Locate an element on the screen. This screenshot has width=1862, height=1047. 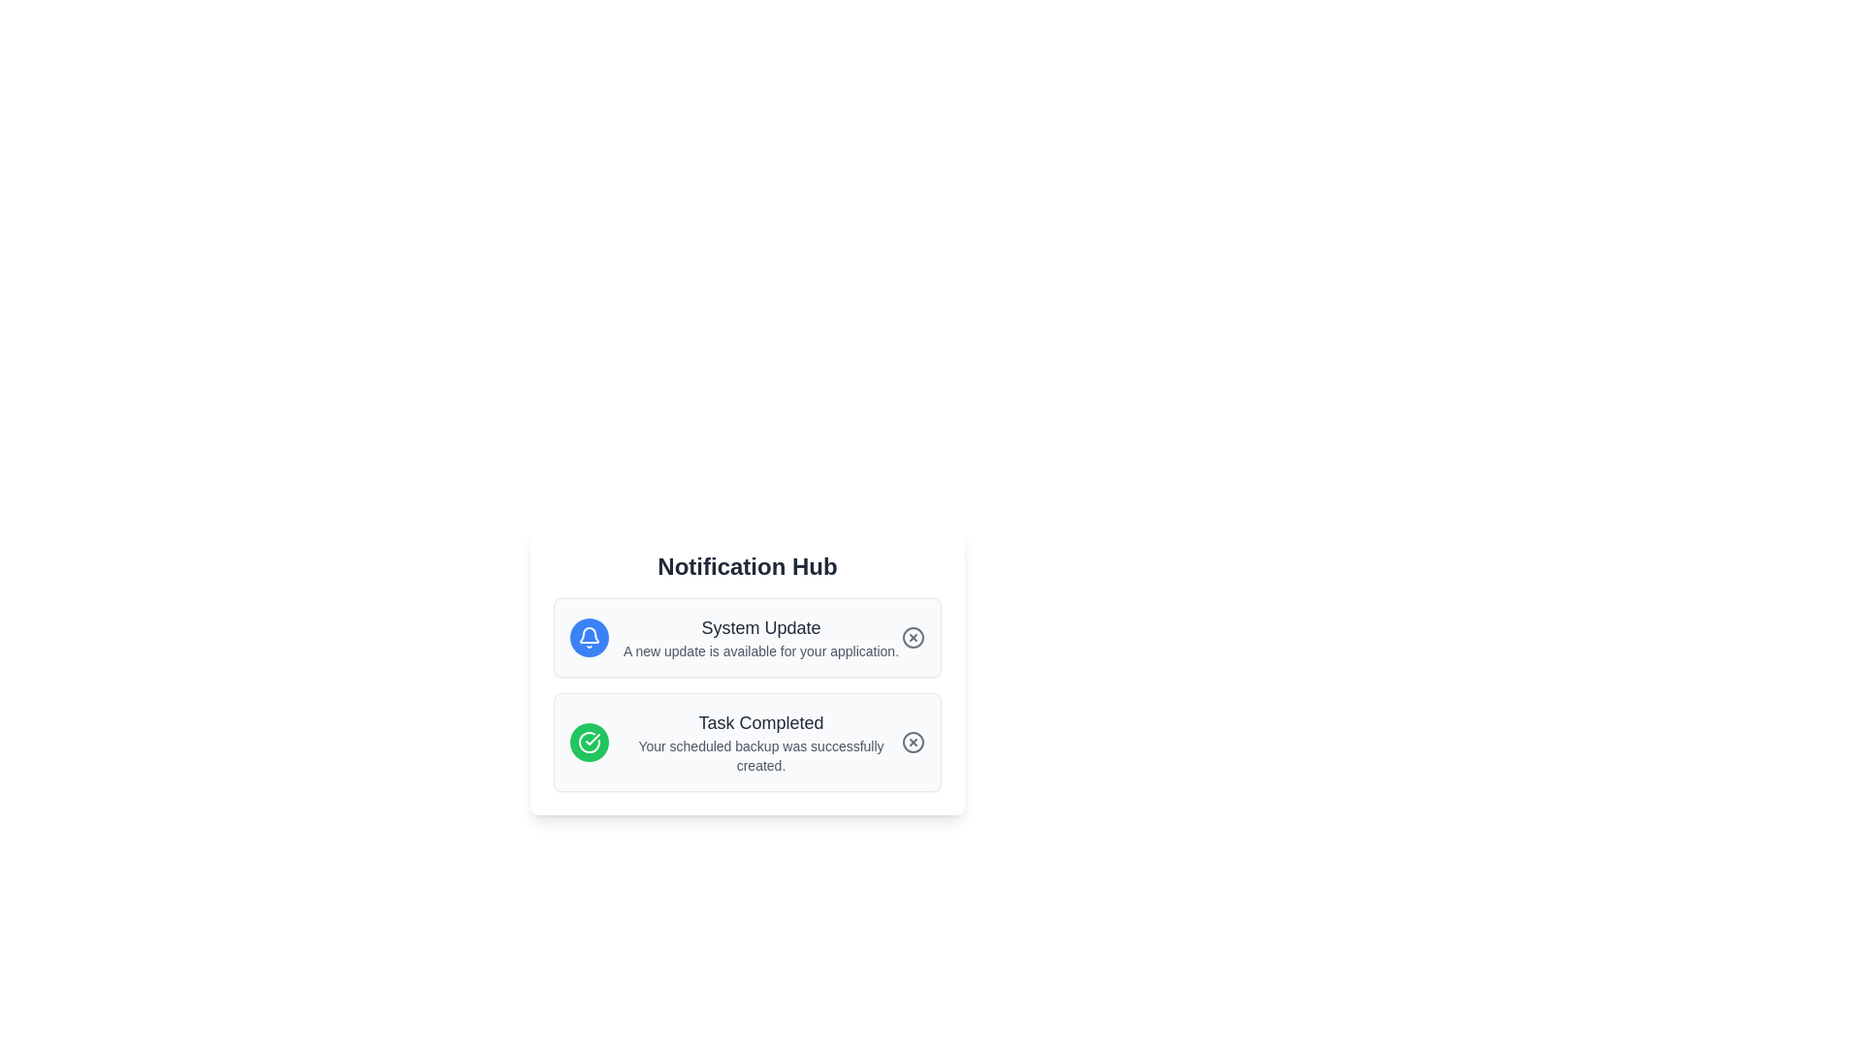
circular blue button with a white bell icon located at the left of the 'System Update' title in the top notification card is located at coordinates (589, 638).